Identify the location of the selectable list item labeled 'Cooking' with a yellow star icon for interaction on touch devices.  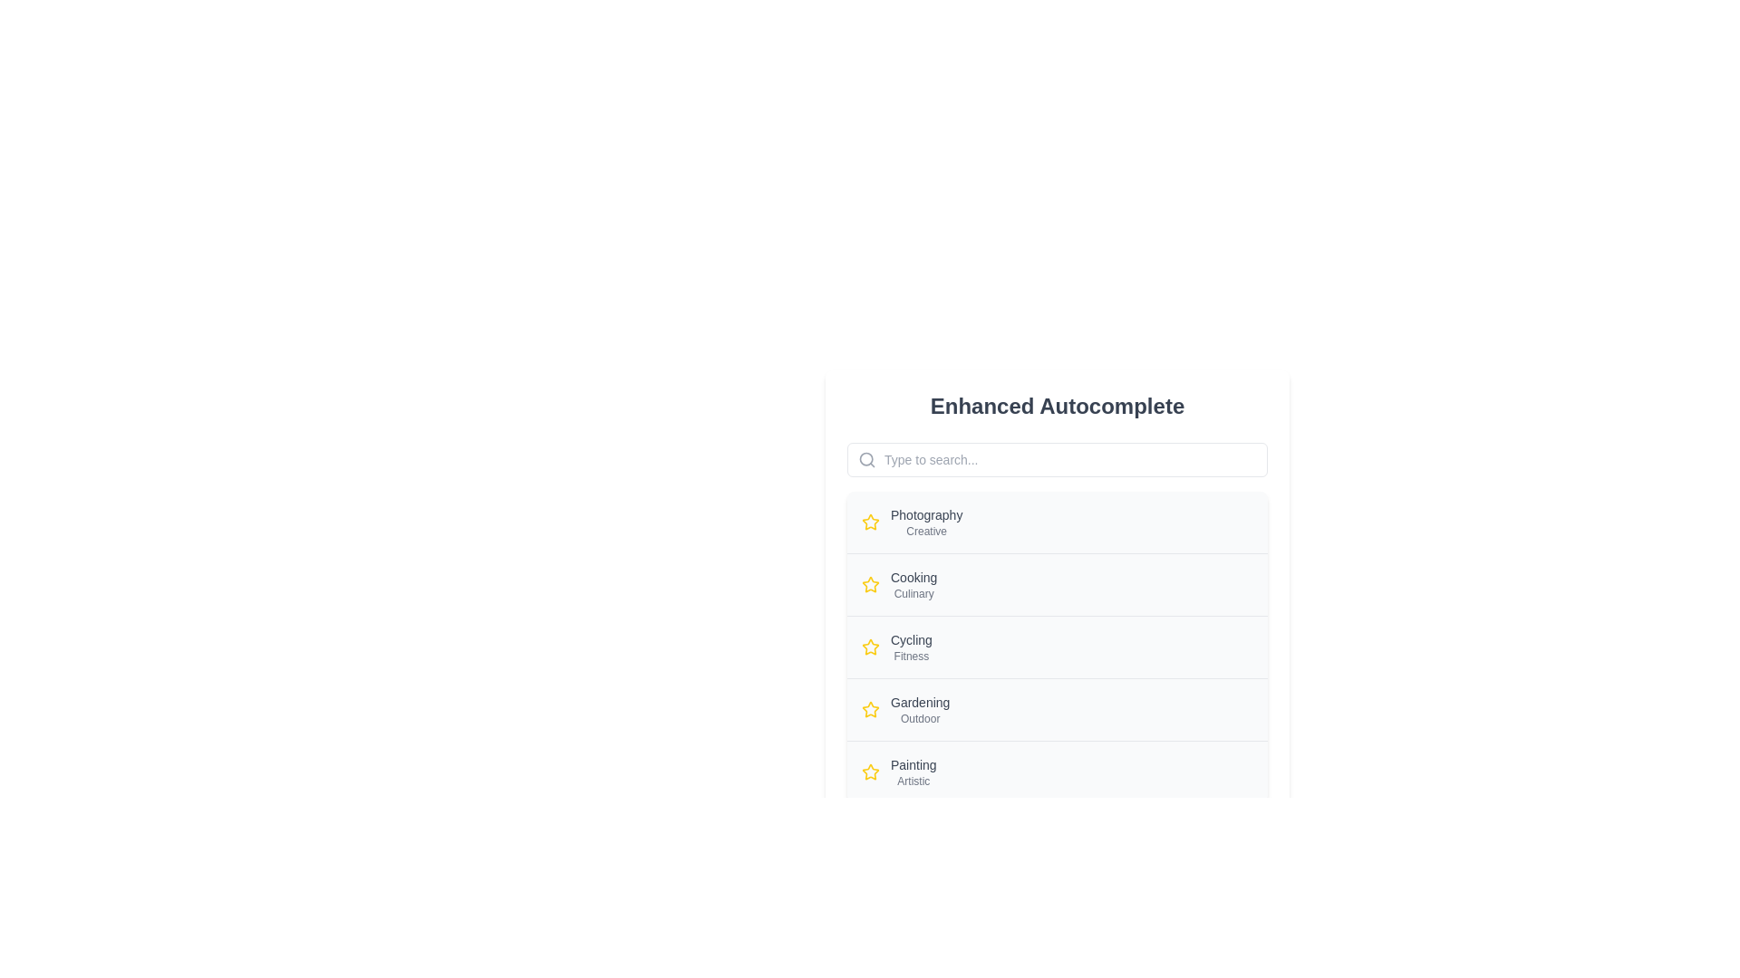
(1057, 597).